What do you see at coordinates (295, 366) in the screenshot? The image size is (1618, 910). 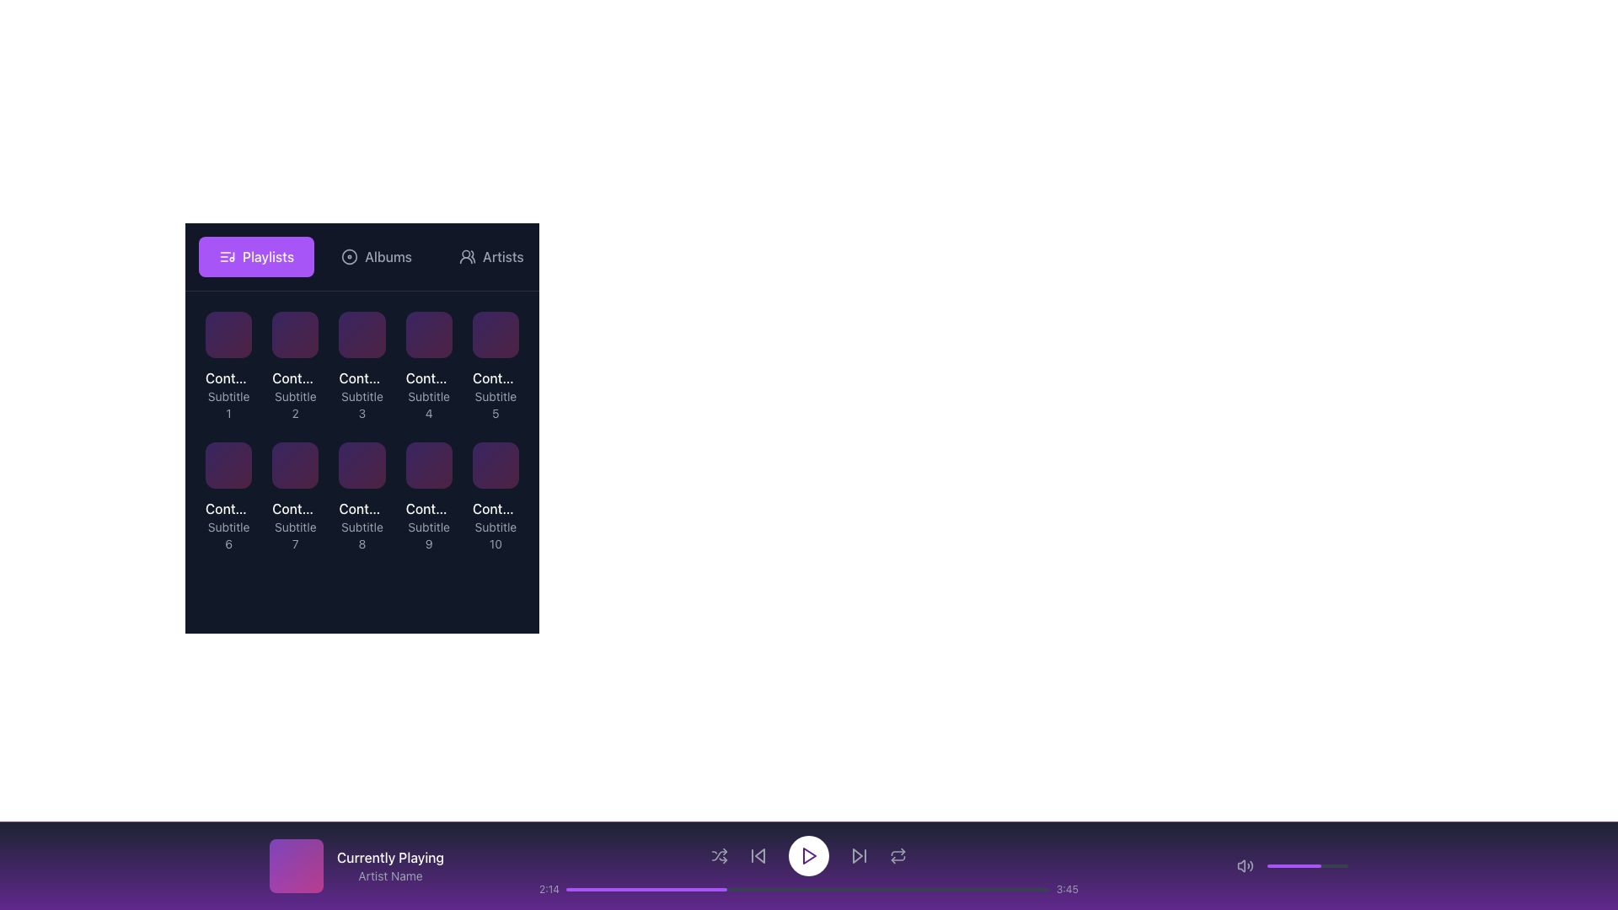 I see `the second media item in the first row of the grid layout` at bounding box center [295, 366].